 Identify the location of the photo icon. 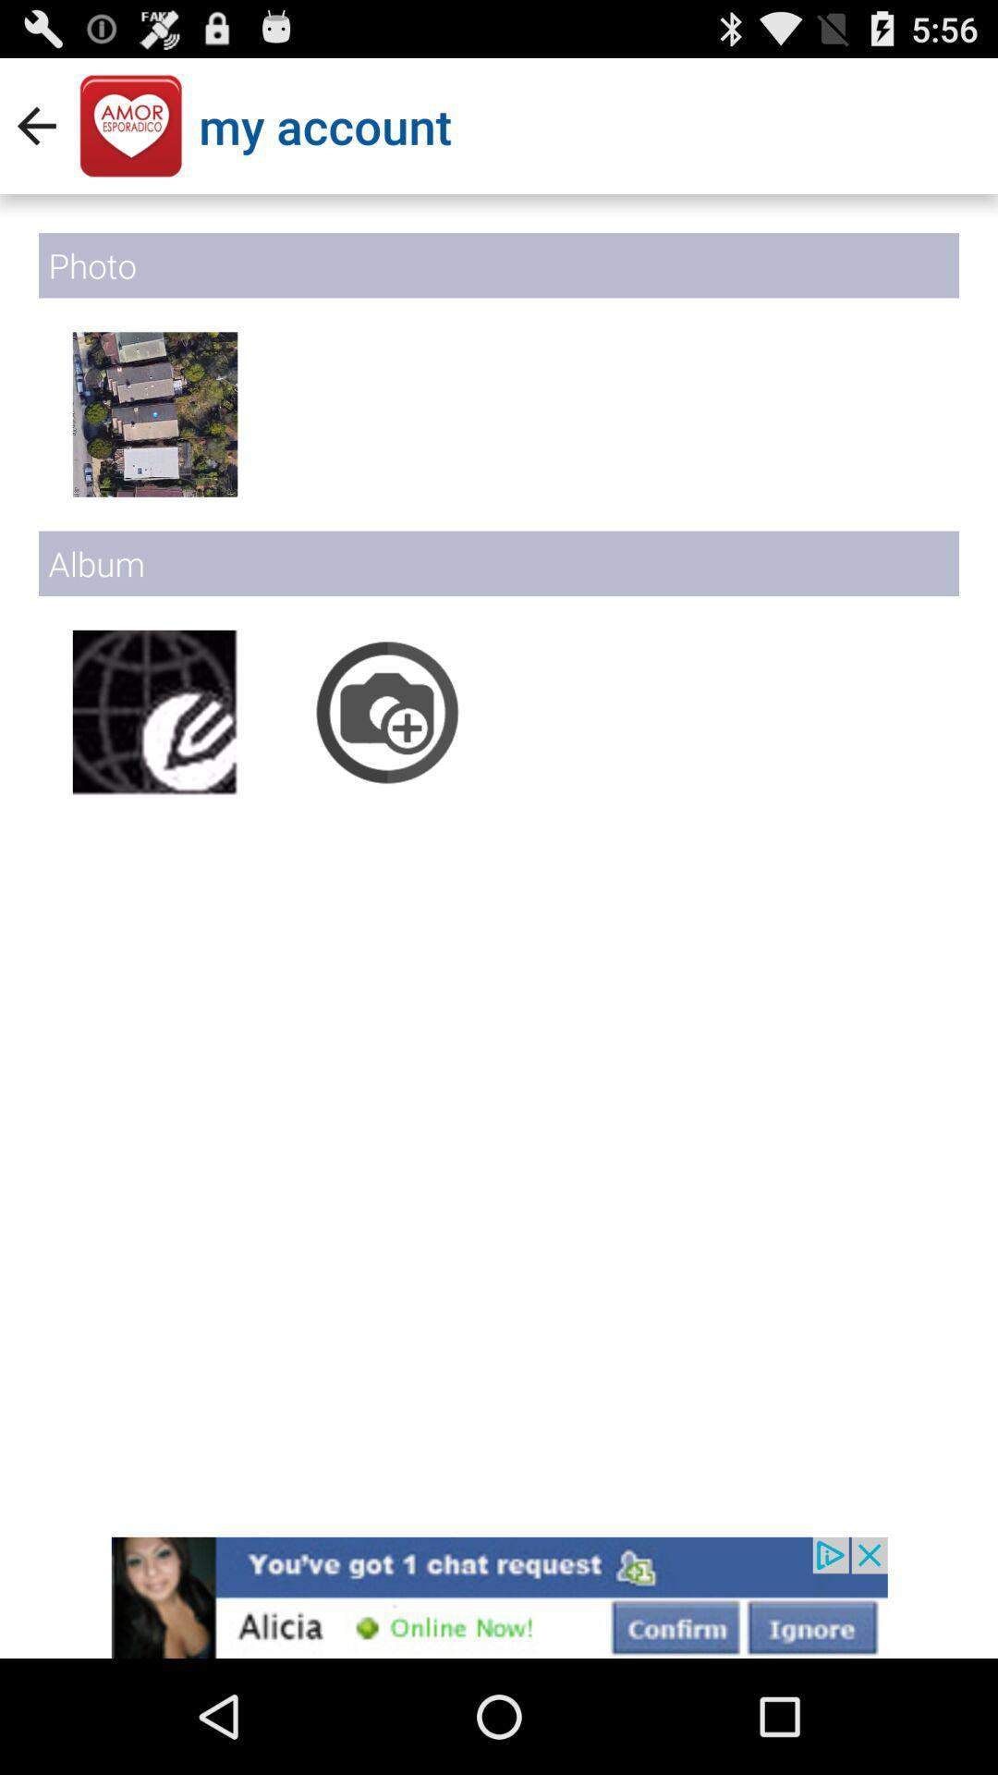
(387, 763).